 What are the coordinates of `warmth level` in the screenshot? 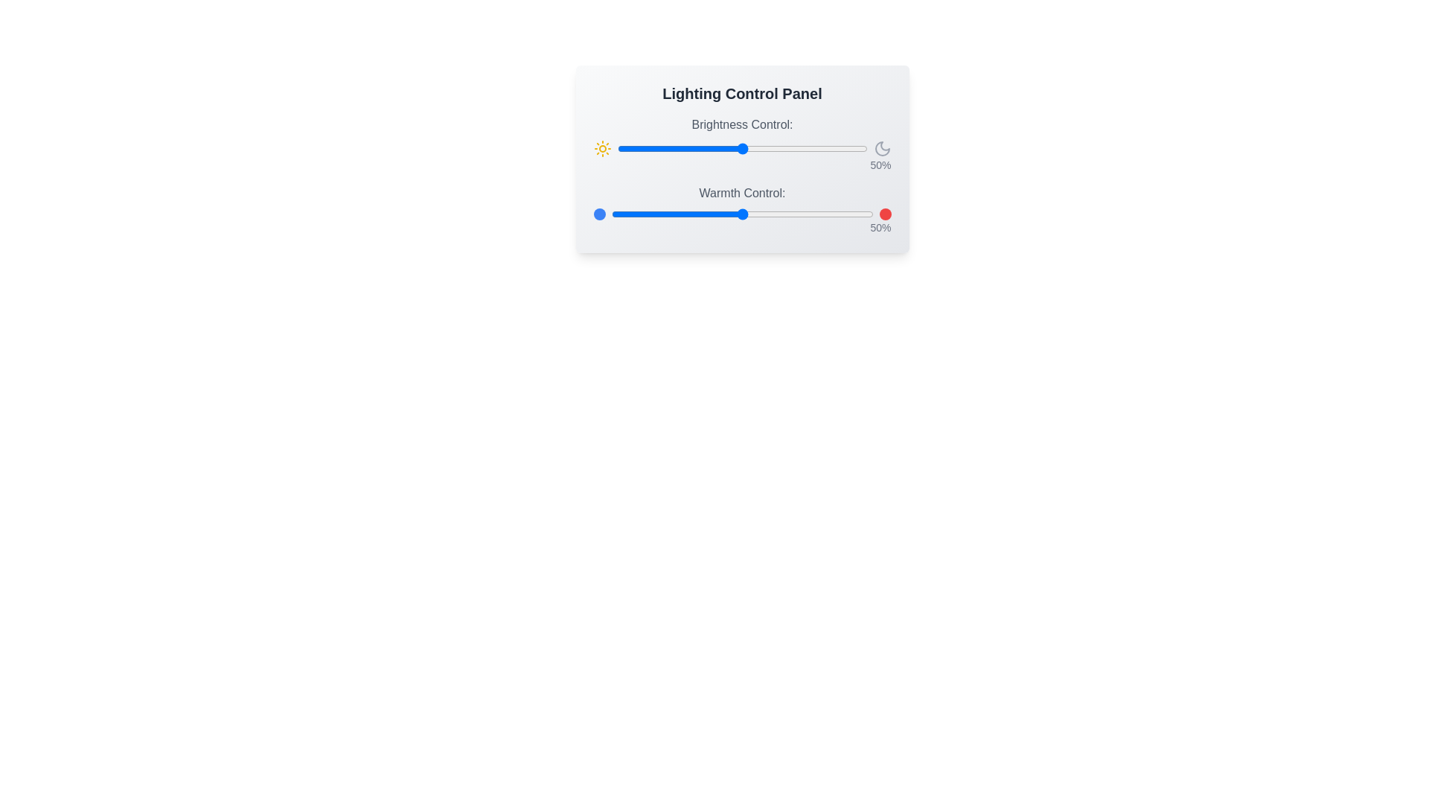 It's located at (642, 214).